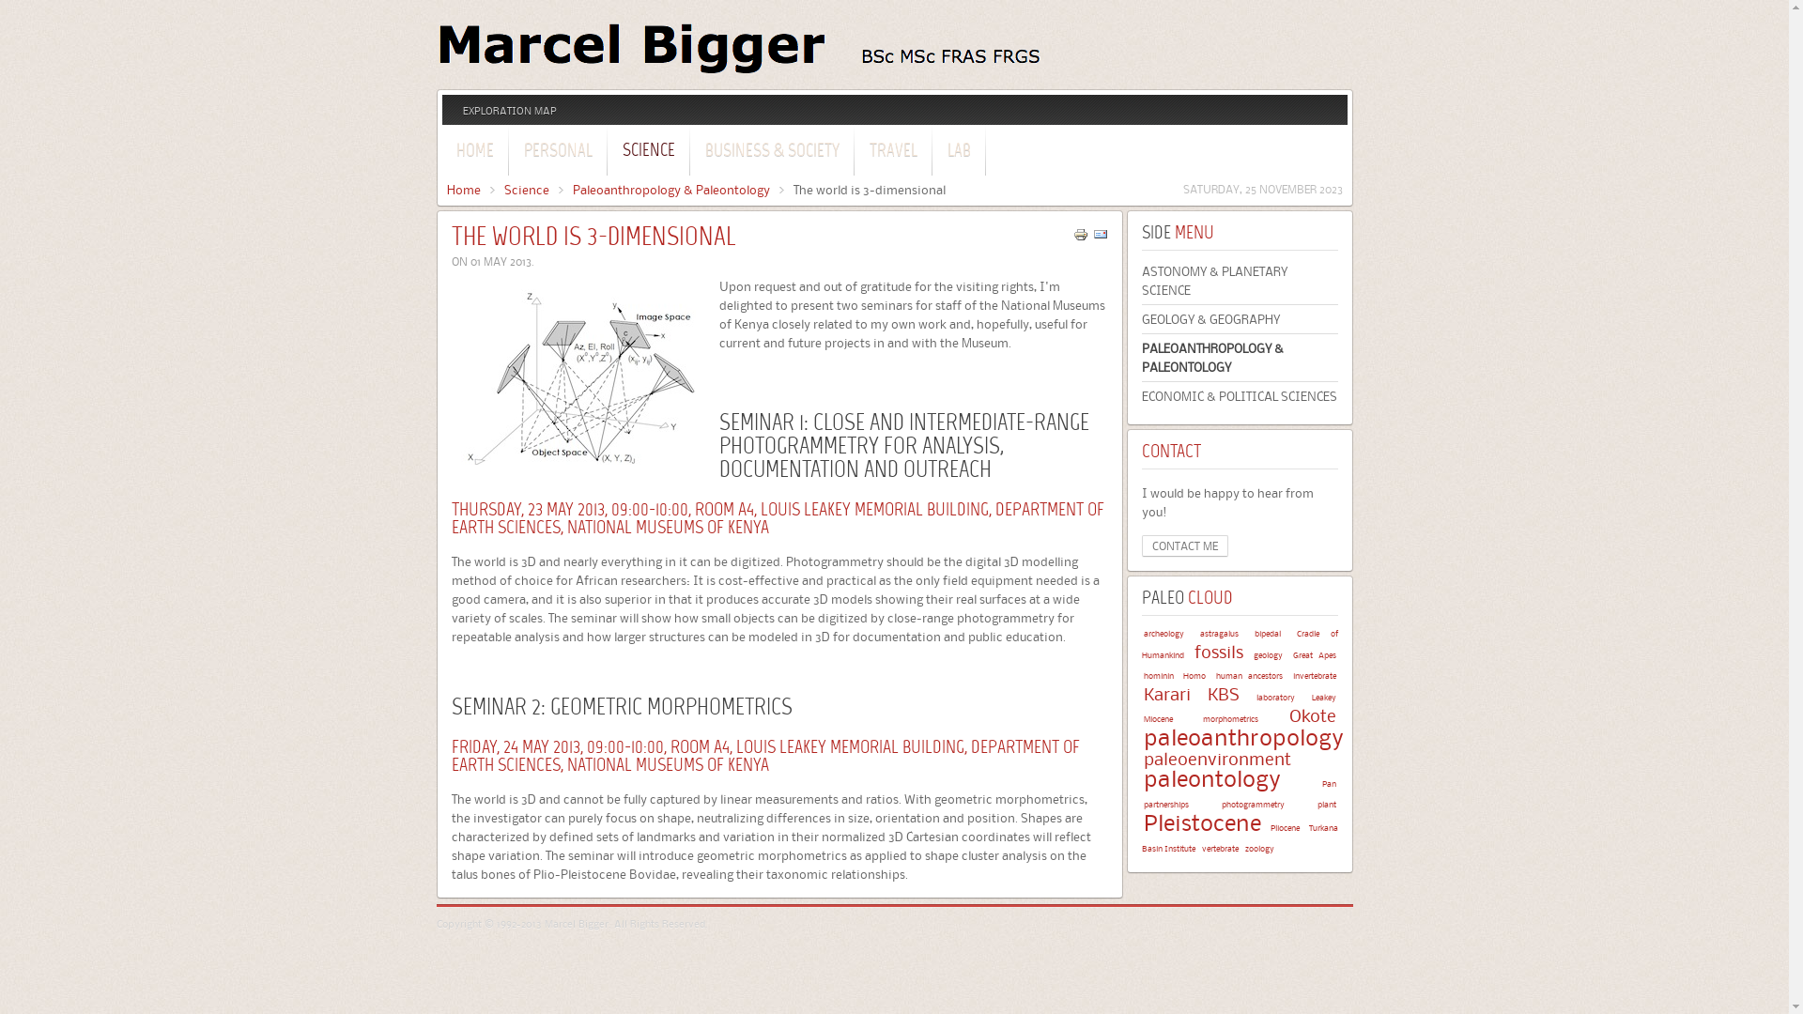  Describe the element at coordinates (1230, 718) in the screenshot. I see `'morphometrics'` at that location.